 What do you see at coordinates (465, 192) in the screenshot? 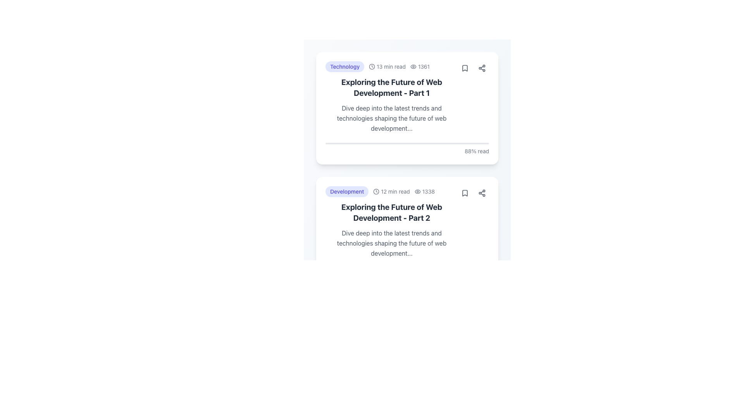
I see `the bookmark indicator icon located in the top-right corner of the second card` at bounding box center [465, 192].